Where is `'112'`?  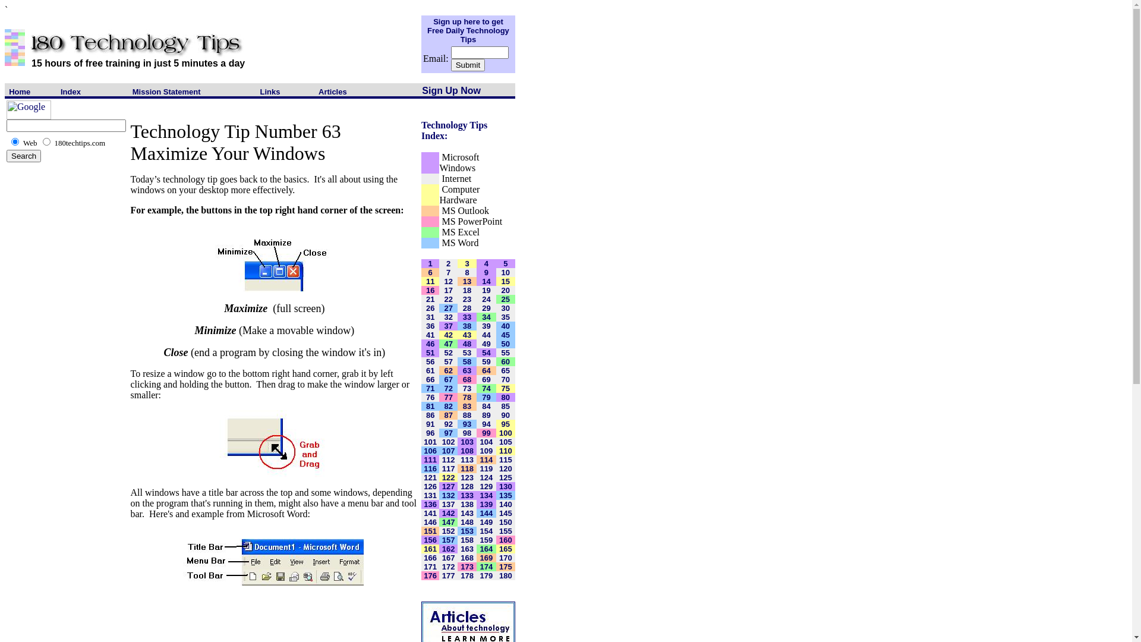
'112' is located at coordinates (447, 458).